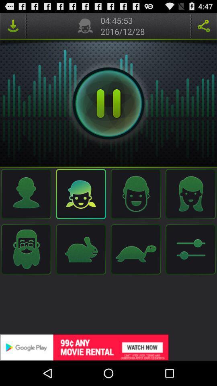 The image size is (217, 386). Describe the element at coordinates (108, 103) in the screenshot. I see `audio play` at that location.